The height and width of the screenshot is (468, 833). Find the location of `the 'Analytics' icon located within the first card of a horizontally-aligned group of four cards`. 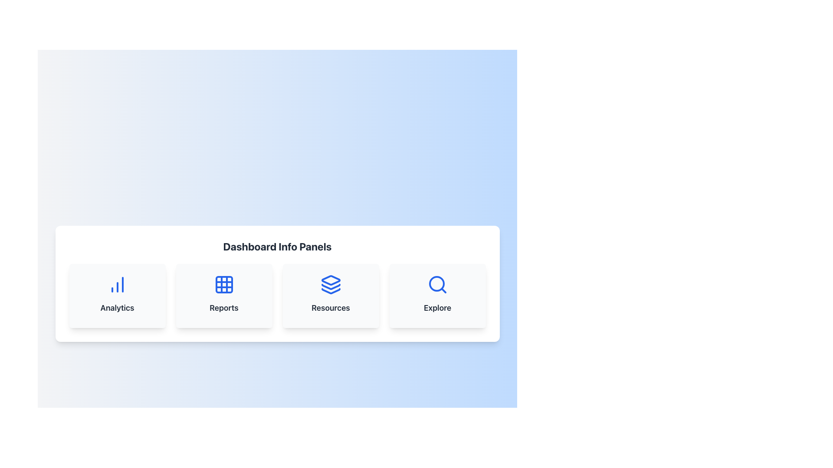

the 'Analytics' icon located within the first card of a horizontally-aligned group of four cards is located at coordinates (117, 284).